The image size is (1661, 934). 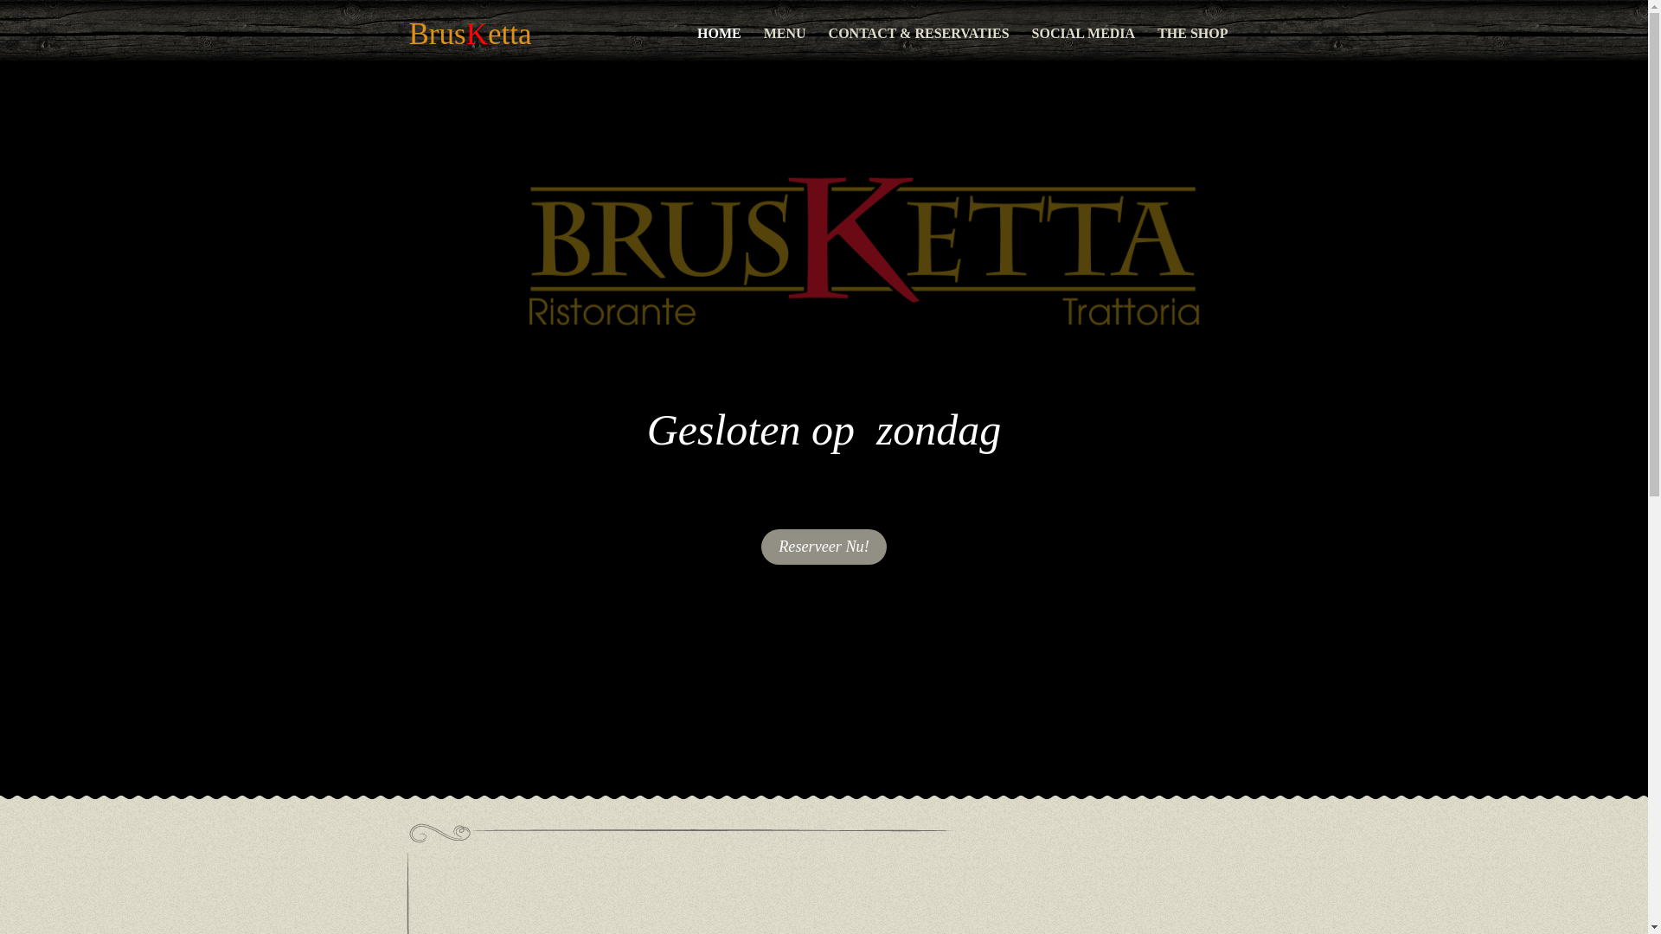 What do you see at coordinates (1145, 34) in the screenshot?
I see `'THE SHOP'` at bounding box center [1145, 34].